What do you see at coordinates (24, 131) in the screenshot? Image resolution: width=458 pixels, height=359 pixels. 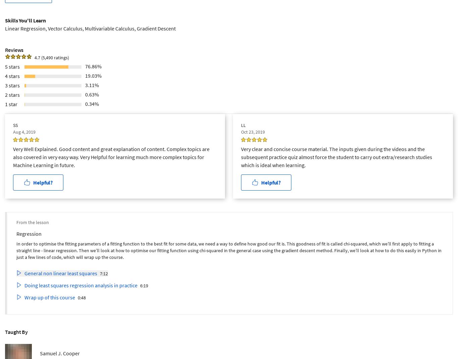 I see `'Aug 4, 2019'` at bounding box center [24, 131].